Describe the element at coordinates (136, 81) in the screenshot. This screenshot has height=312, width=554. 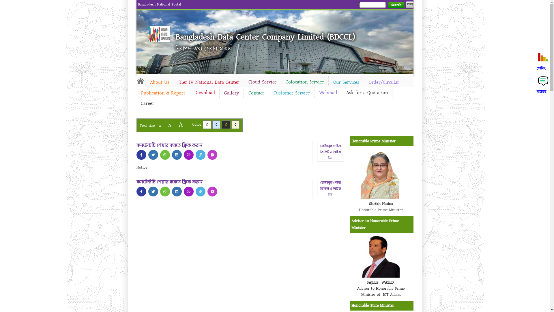
I see `'Home'` at that location.